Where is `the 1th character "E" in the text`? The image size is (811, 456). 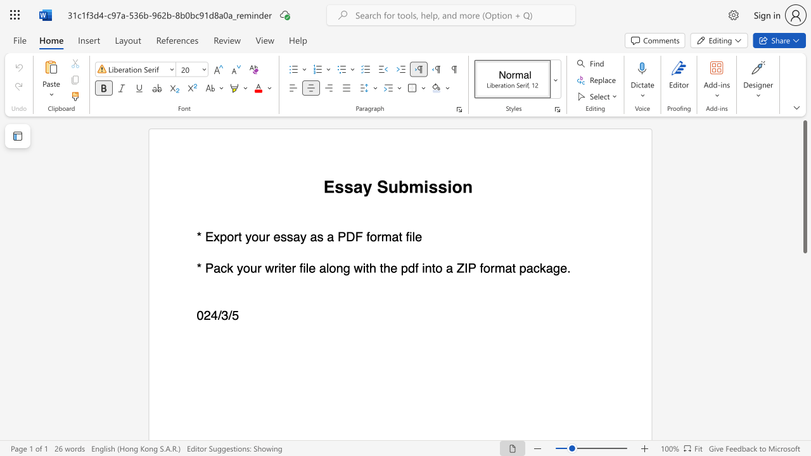
the 1th character "E" in the text is located at coordinates (329, 187).